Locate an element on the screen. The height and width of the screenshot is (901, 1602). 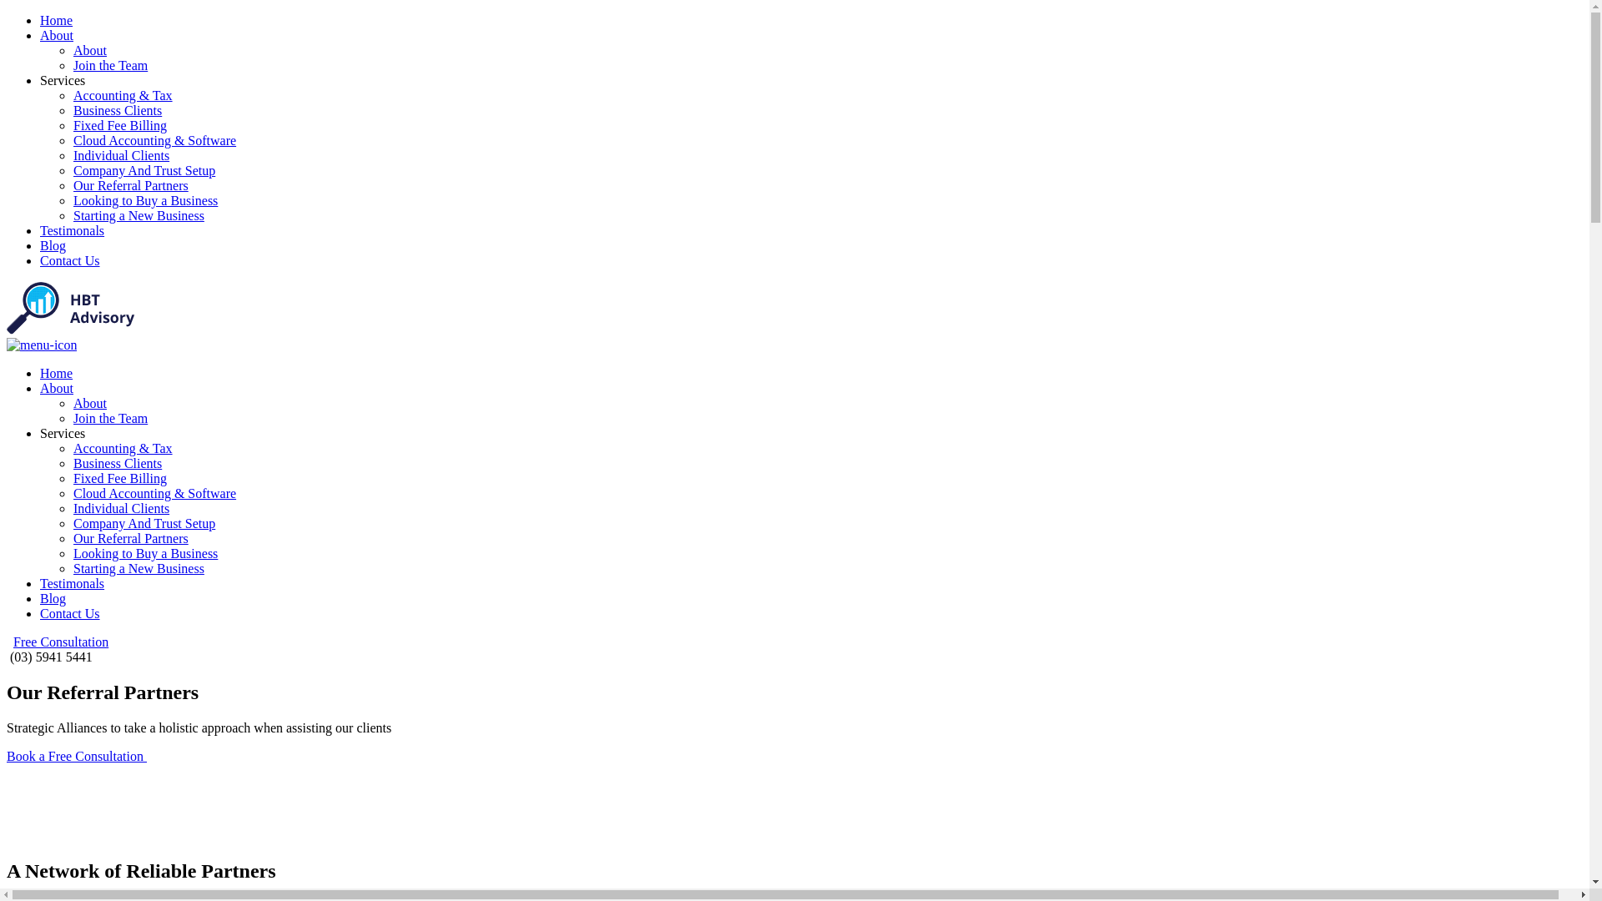
'Business Clients' is located at coordinates (116, 110).